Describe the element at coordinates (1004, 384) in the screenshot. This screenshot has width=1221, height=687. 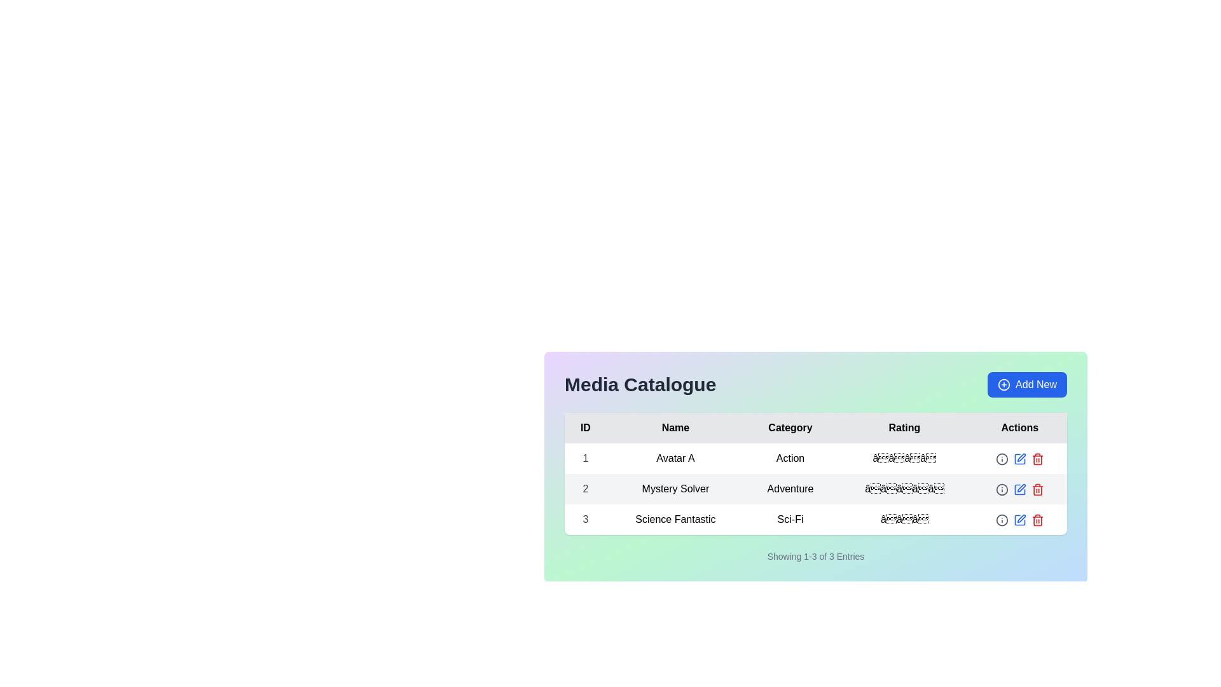
I see `the outermost circular shape of the 'Add New' button located at the top right corner of the media catalog interface` at that location.